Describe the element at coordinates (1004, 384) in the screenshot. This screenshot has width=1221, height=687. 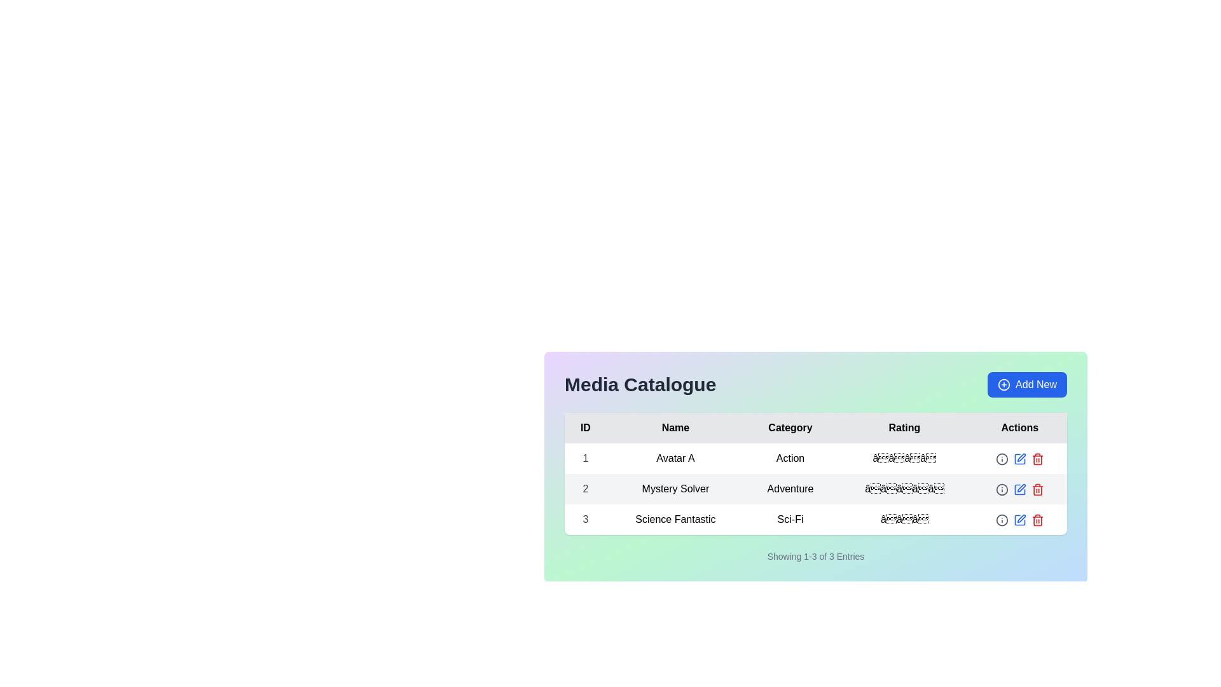
I see `the outermost circular shape of the 'Add New' button located at the top right corner of the media catalog interface` at that location.